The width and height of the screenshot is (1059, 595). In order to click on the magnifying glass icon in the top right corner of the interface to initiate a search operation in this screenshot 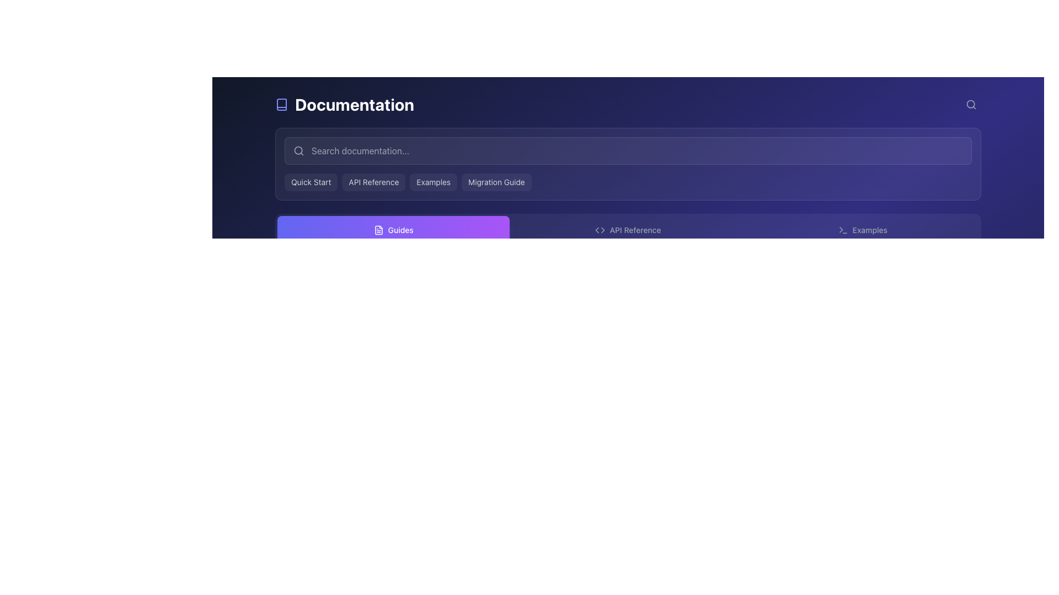, I will do `click(971, 104)`.